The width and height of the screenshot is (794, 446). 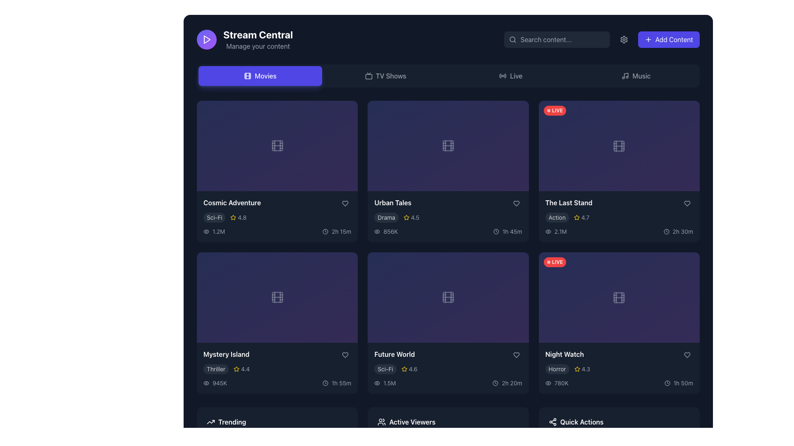 What do you see at coordinates (687, 355) in the screenshot?
I see `the heart-shaped icon button located at the bottom right of the 'Night Watch' content card` at bounding box center [687, 355].